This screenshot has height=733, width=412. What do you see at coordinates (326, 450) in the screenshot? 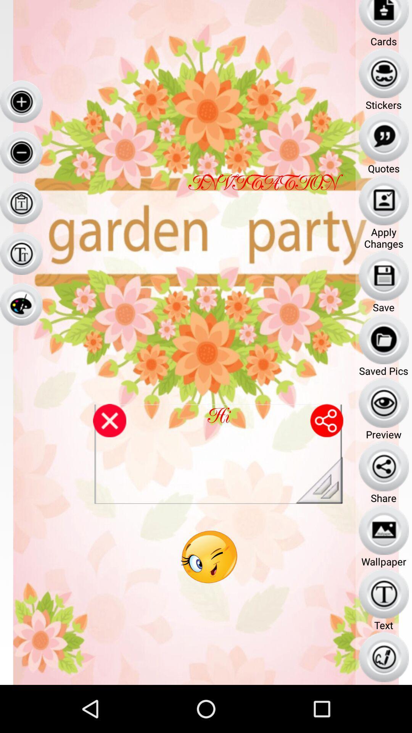
I see `the share icon` at bounding box center [326, 450].